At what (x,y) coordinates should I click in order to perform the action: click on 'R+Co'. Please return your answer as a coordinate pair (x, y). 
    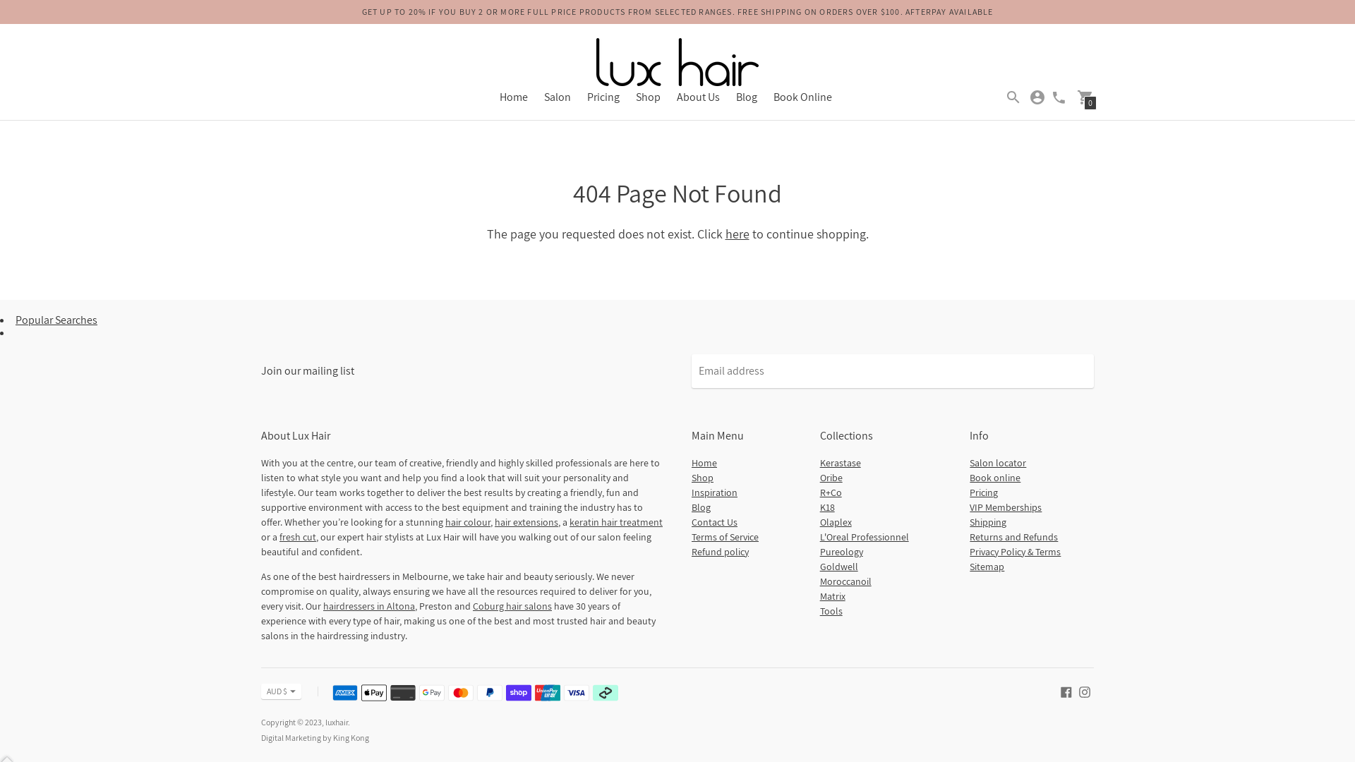
    Looking at the image, I should click on (831, 492).